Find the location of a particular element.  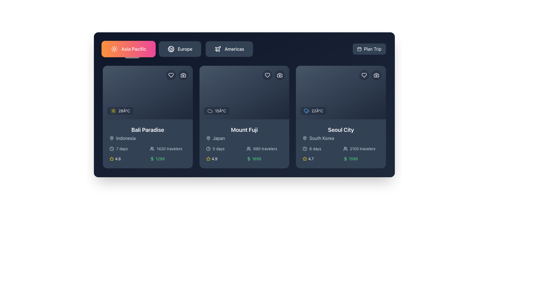

the informational label displaying '2100 travelers' located in the bottom-right region of the 'Seoul City' section, below the '6 days' information is located at coordinates (361, 148).